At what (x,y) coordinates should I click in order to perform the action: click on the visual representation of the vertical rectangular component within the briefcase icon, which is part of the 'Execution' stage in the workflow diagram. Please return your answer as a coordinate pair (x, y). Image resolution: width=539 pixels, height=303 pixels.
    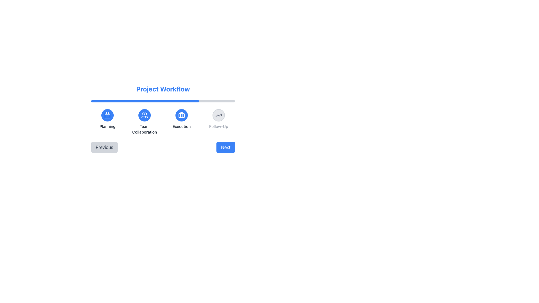
    Looking at the image, I should click on (182, 114).